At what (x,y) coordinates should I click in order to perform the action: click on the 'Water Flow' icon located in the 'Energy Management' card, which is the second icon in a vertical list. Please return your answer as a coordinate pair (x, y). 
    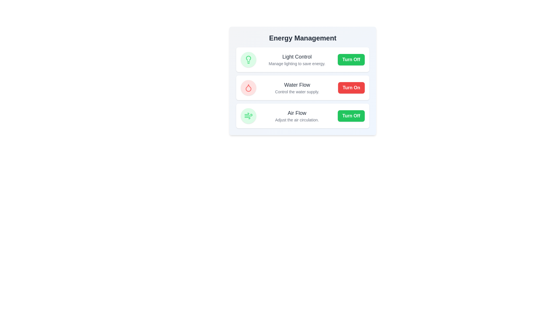
    Looking at the image, I should click on (248, 88).